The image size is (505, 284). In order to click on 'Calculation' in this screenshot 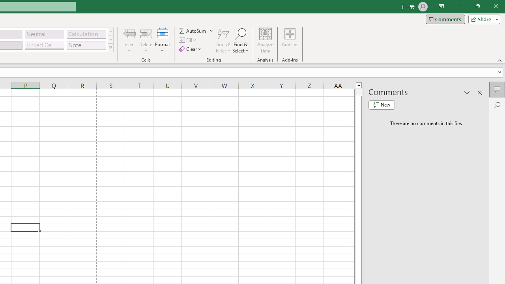, I will do `click(86, 34)`.